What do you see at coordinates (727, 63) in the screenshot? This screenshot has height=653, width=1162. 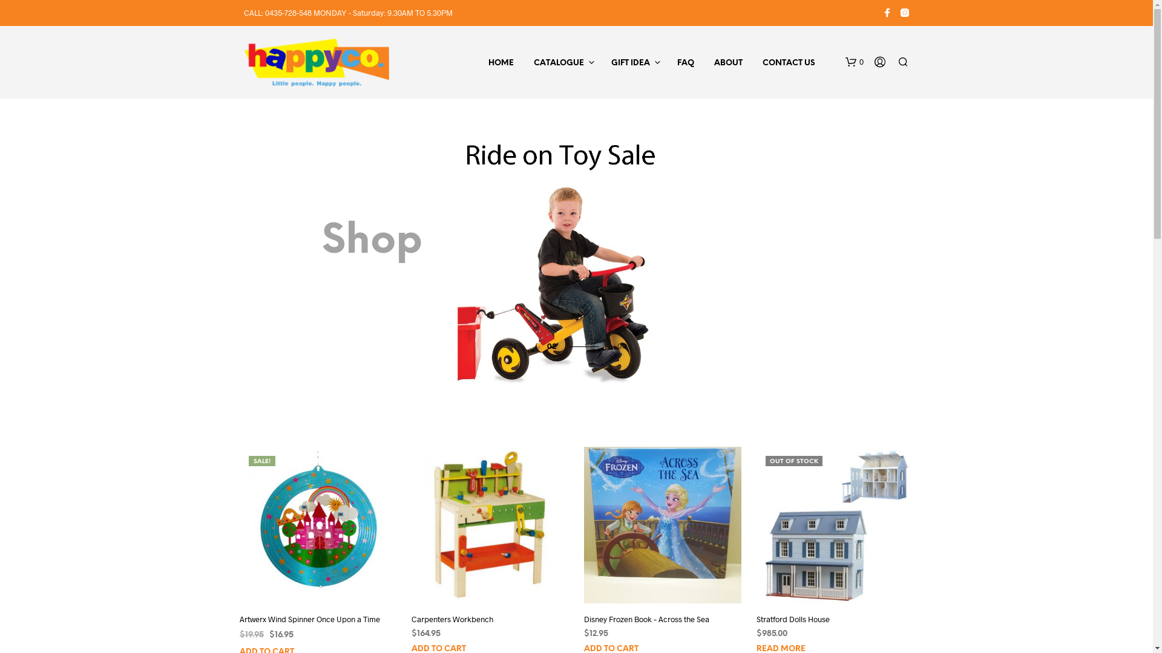 I see `'ABOUT'` at bounding box center [727, 63].